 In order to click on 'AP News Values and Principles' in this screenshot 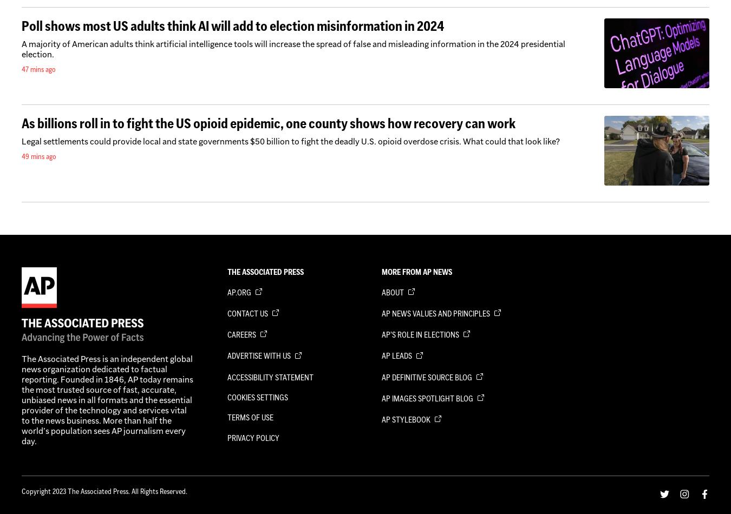, I will do `click(436, 313)`.